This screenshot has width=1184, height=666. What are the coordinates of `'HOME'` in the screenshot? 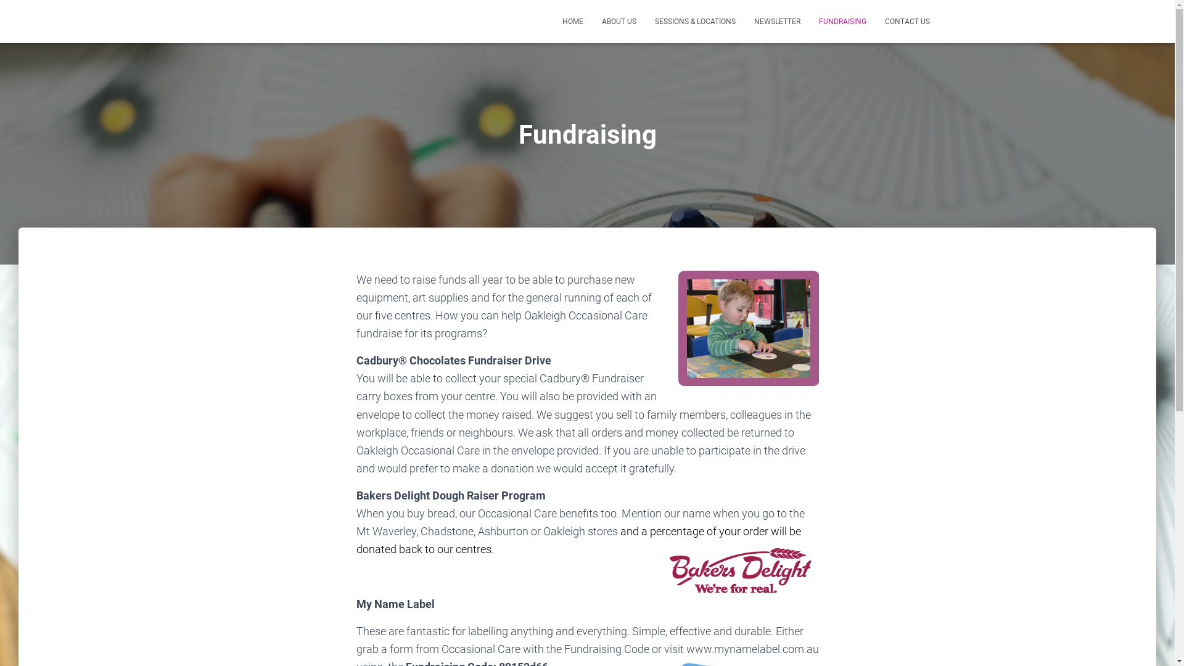 It's located at (571, 21).